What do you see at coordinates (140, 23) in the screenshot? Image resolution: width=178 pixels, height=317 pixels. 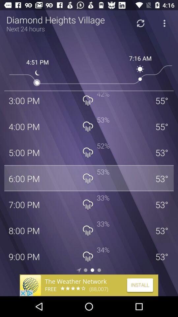 I see `reload` at bounding box center [140, 23].